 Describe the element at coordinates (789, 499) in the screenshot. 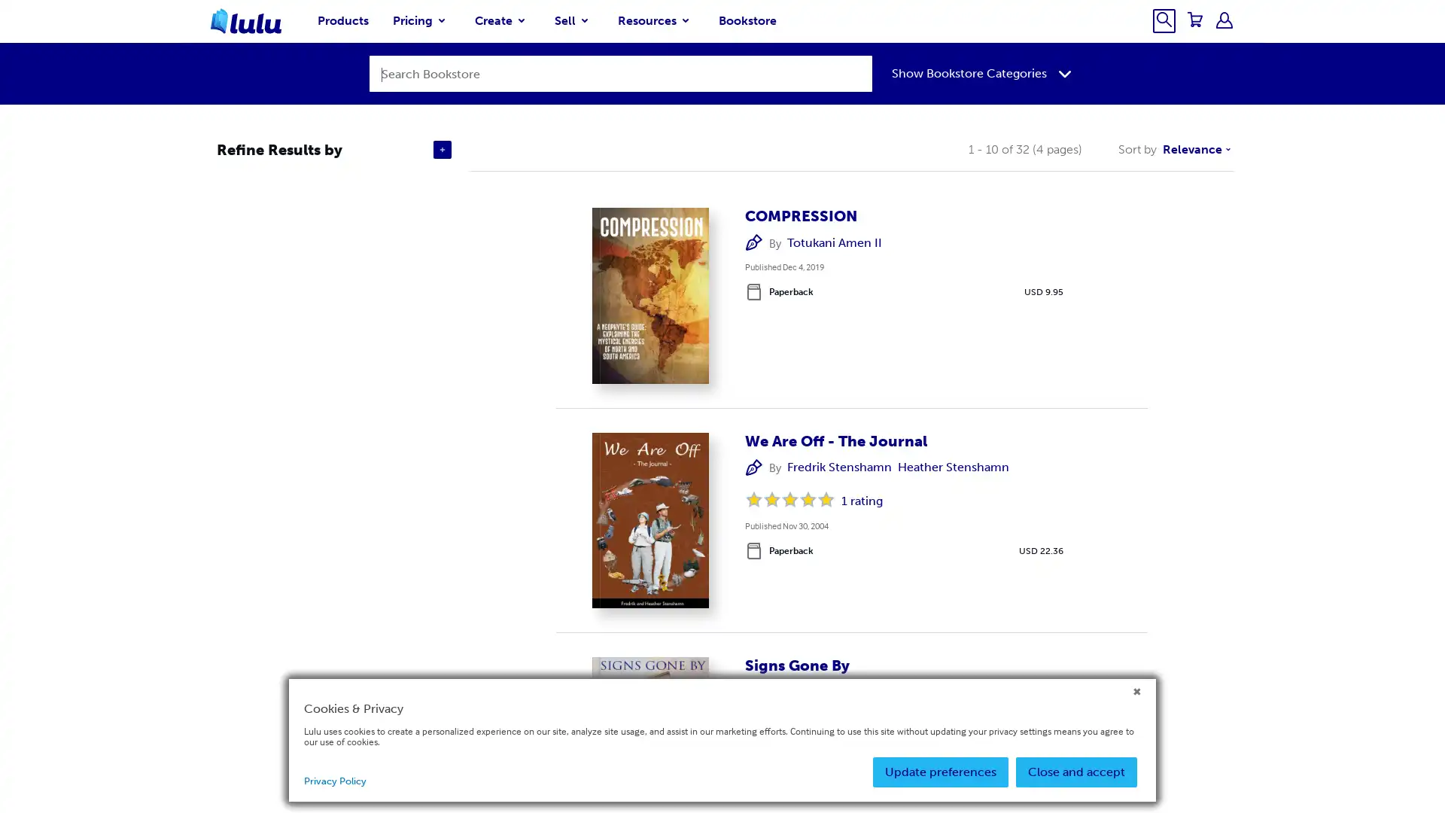

I see `Choose 3 stars` at that location.